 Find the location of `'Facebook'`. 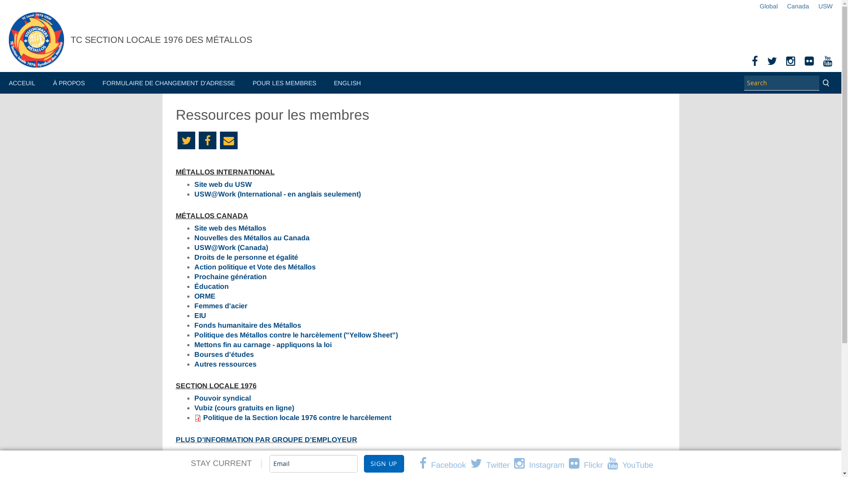

'Facebook' is located at coordinates (445, 465).